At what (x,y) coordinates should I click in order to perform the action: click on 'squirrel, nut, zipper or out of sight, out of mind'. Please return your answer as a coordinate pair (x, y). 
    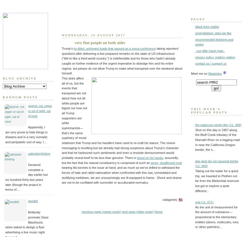
    Looking at the image, I should click on (40, 111).